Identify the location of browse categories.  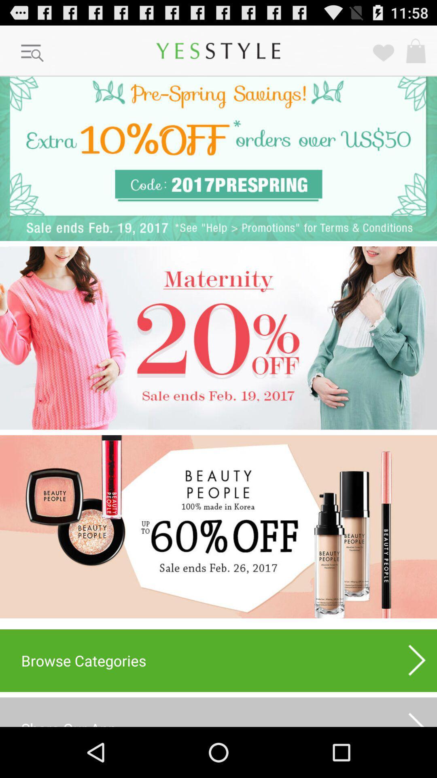
(218, 660).